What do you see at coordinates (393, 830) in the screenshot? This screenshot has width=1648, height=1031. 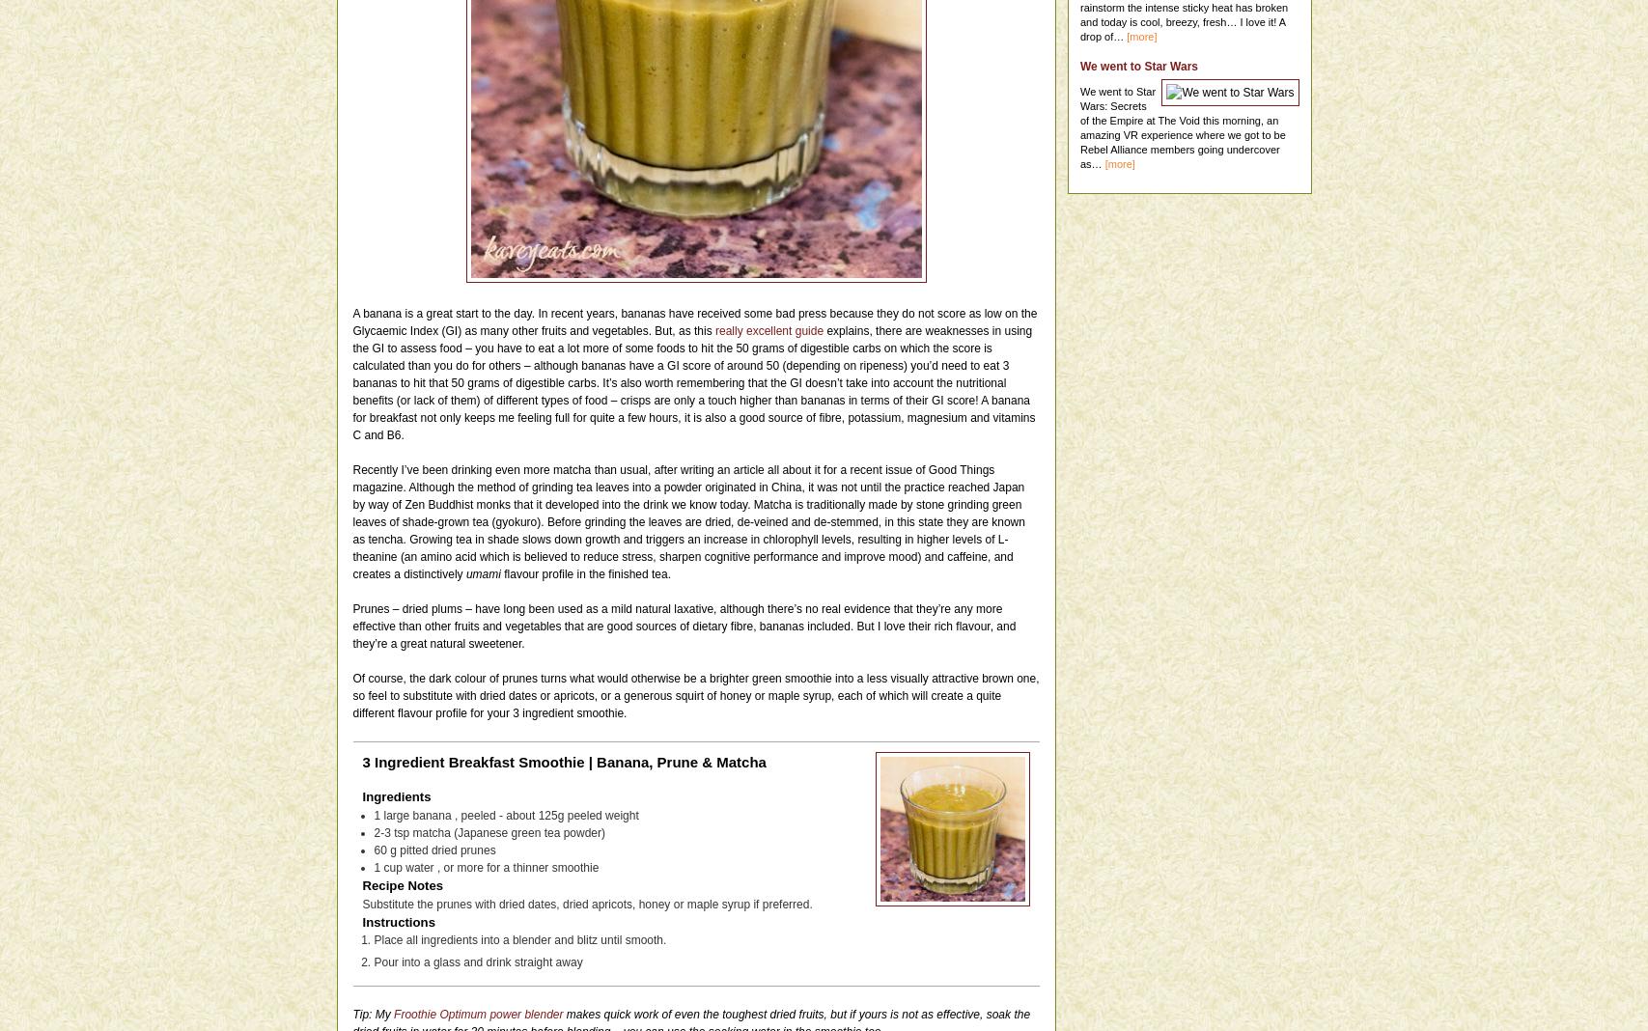 I see `'tsp'` at bounding box center [393, 830].